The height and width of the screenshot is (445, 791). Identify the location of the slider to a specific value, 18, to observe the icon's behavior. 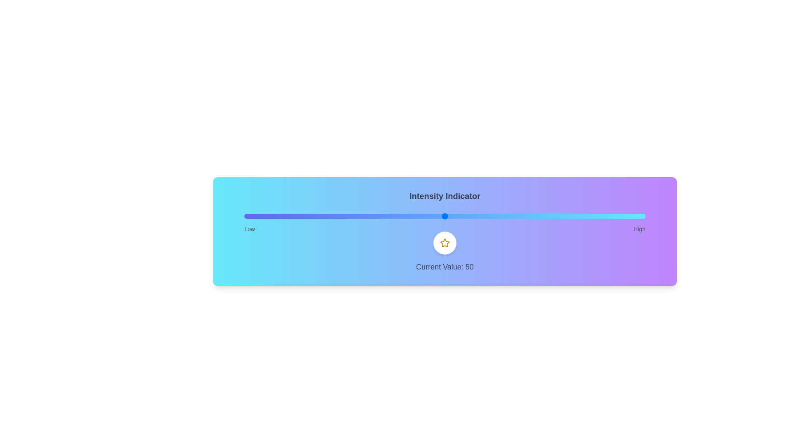
(316, 215).